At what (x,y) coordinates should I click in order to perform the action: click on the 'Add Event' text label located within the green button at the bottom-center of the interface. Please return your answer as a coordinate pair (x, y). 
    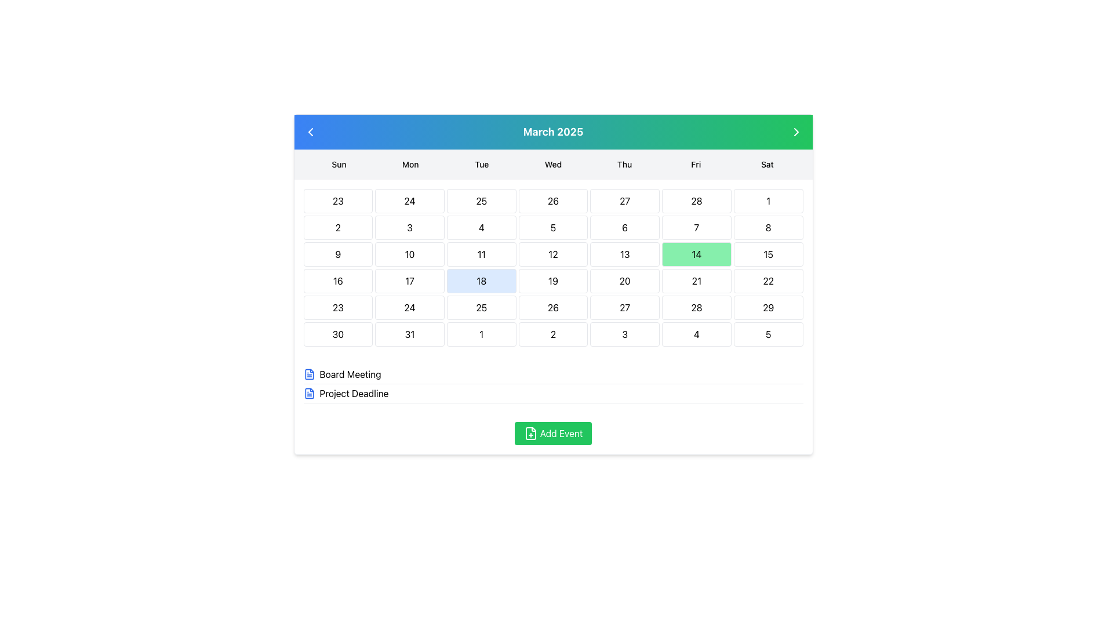
    Looking at the image, I should click on (561, 434).